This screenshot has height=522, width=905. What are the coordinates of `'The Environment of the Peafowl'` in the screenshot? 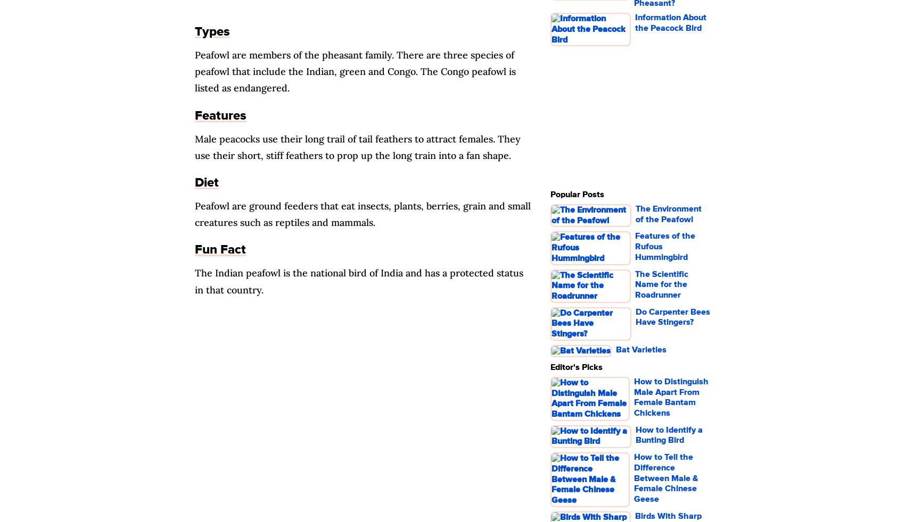 It's located at (667, 214).